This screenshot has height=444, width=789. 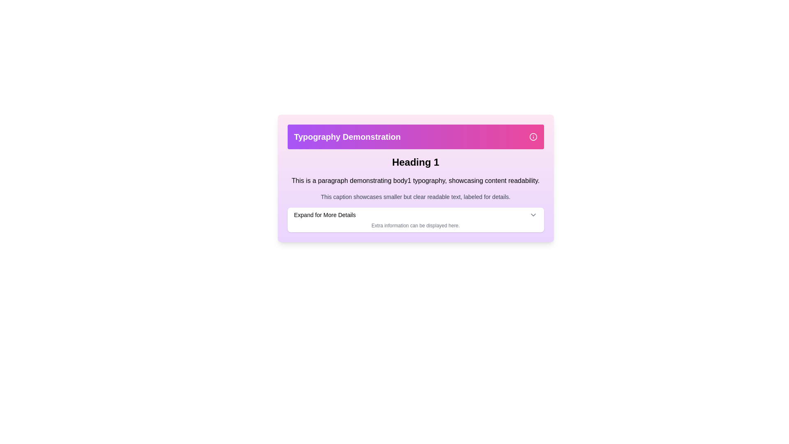 I want to click on the content of the Header banner element, which has a gradient background and displays the text 'Typography Demonstration' on the left and an information icon on the right, so click(x=415, y=136).